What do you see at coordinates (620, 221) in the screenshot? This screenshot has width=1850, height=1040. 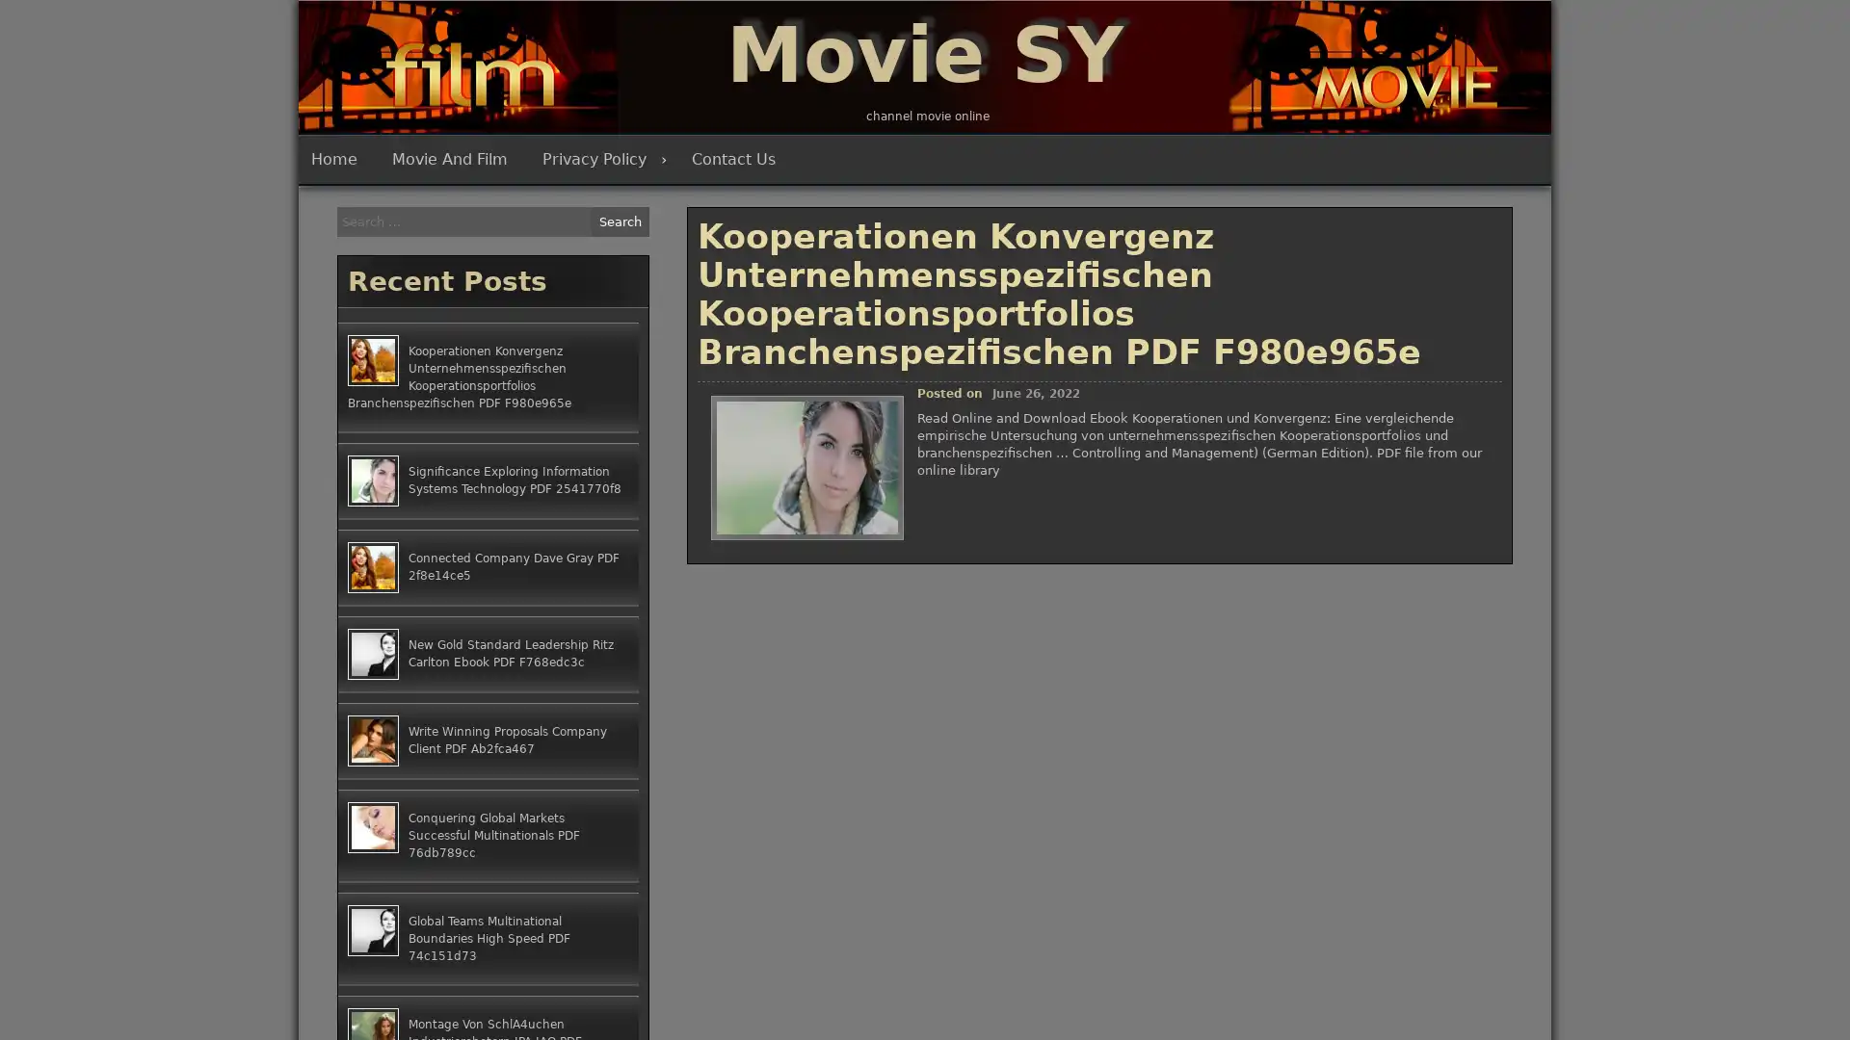 I see `Search` at bounding box center [620, 221].